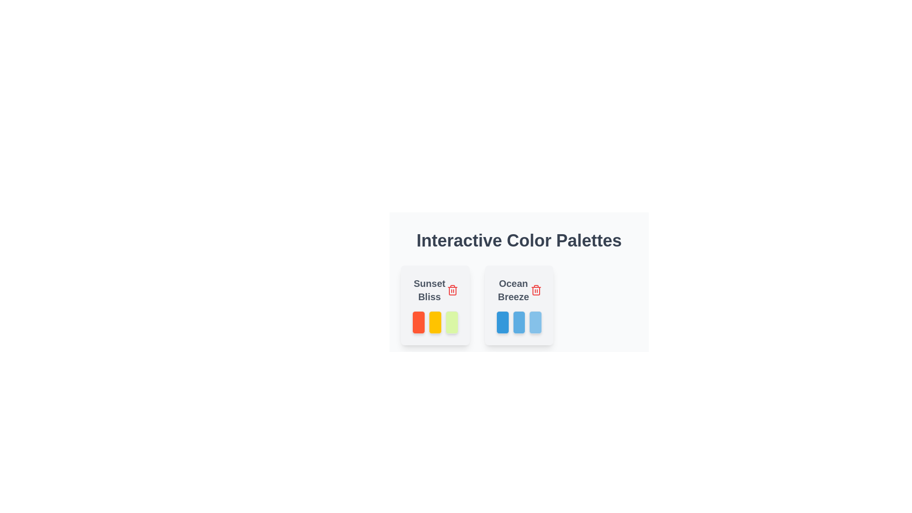 The image size is (912, 513). What do you see at coordinates (535, 322) in the screenshot?
I see `the light blue rounded rectangular selectable color box positioned as the third element in the 'Ocean Breeze' color palette` at bounding box center [535, 322].